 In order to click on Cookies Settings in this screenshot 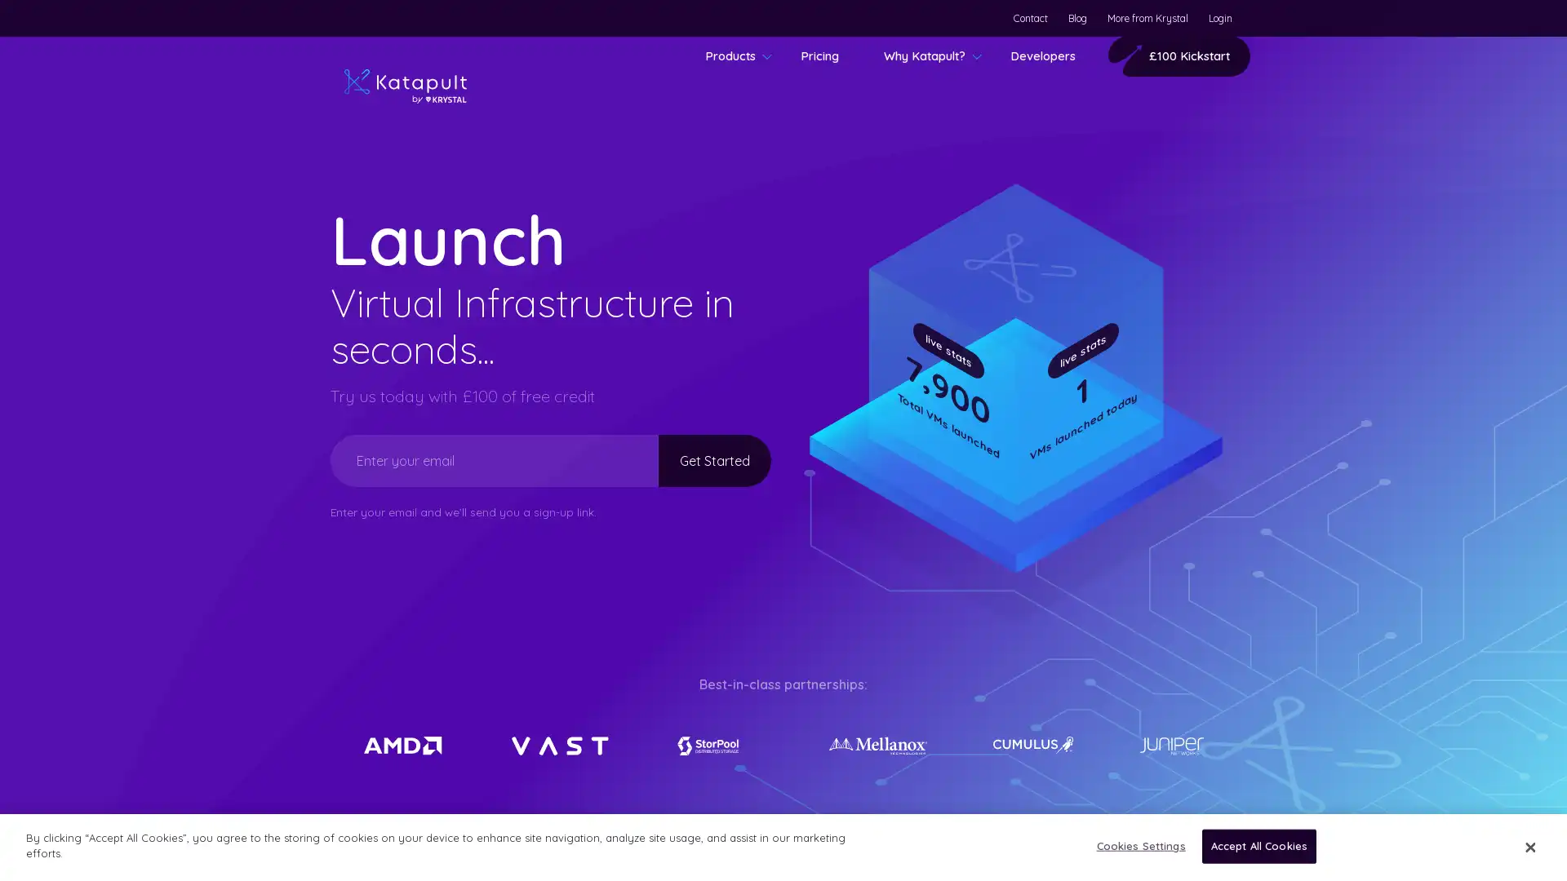, I will do `click(1135, 845)`.